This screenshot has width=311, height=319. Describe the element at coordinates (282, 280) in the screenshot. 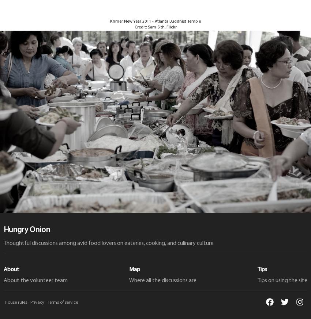

I see `'Tips on using the site'` at that location.